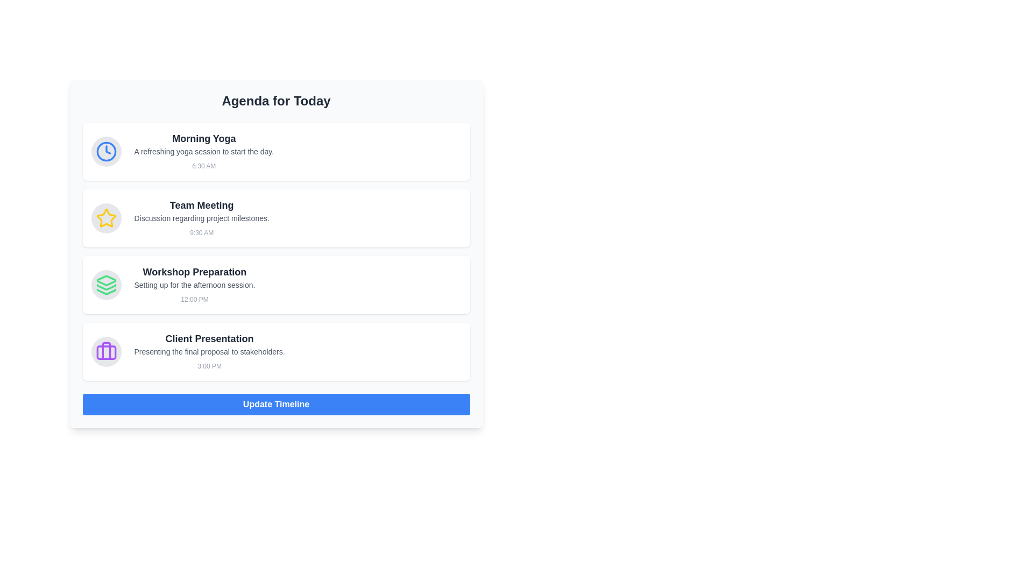 The image size is (1033, 581). I want to click on the 'Morning Yoga' session card, so click(276, 151).